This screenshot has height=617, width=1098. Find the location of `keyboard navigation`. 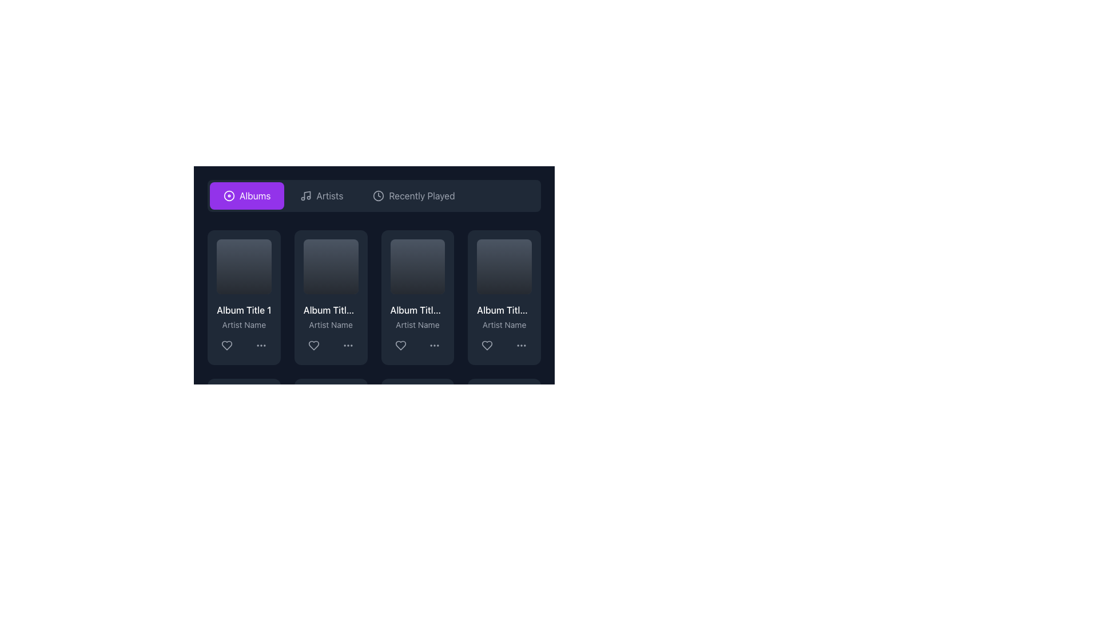

keyboard navigation is located at coordinates (313, 344).